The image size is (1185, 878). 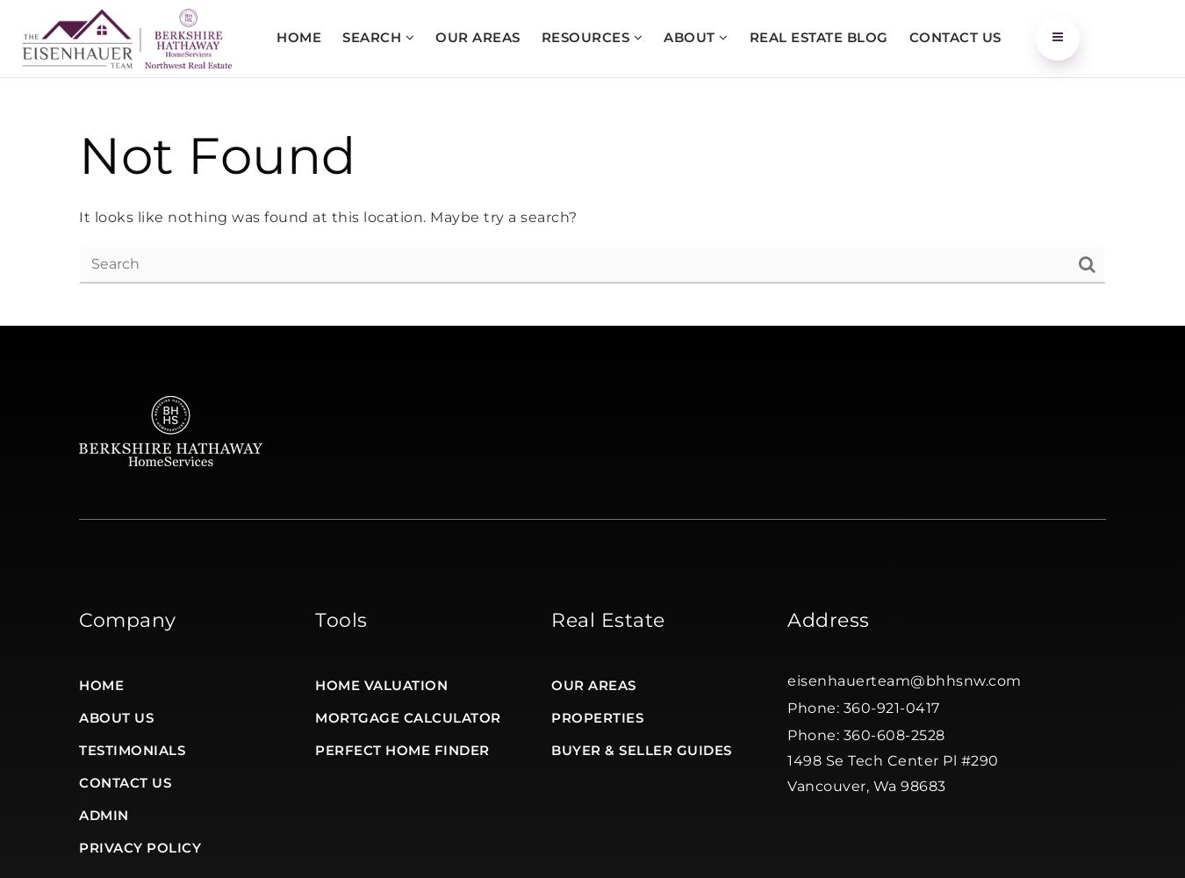 What do you see at coordinates (541, 36) in the screenshot?
I see `'Resources'` at bounding box center [541, 36].